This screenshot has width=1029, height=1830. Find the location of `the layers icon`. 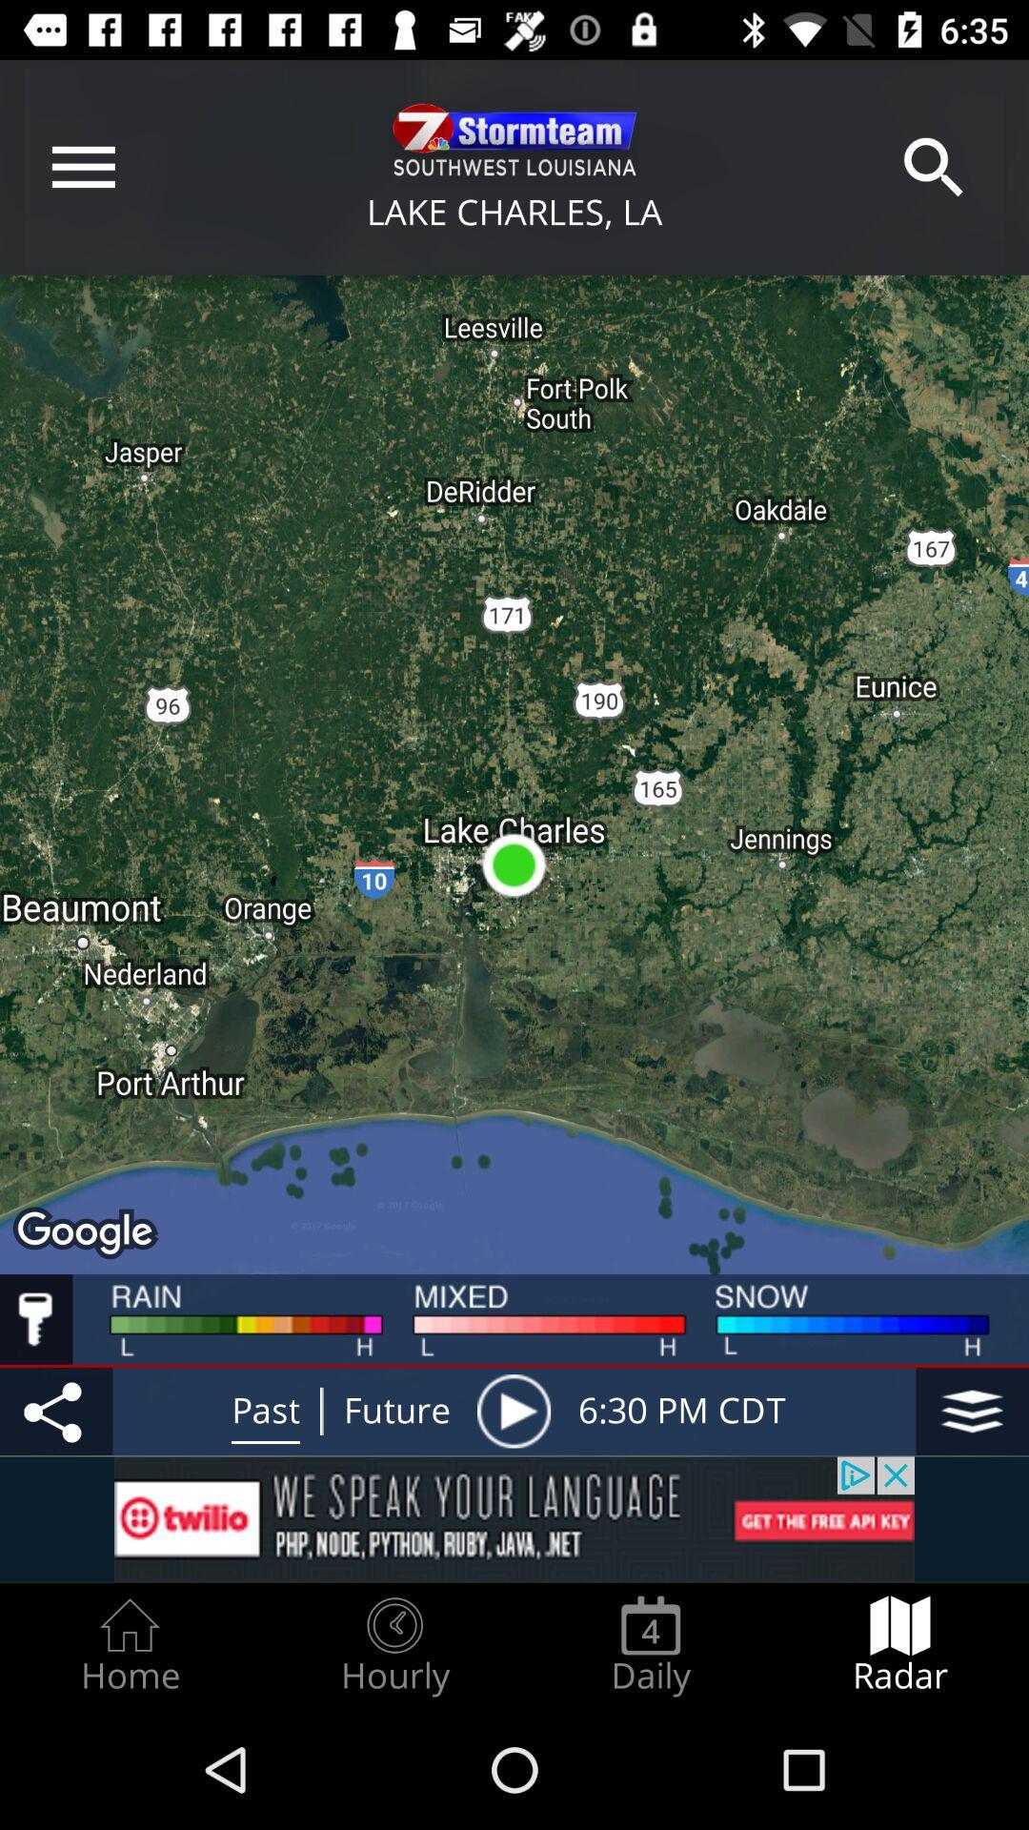

the layers icon is located at coordinates (972, 1411).